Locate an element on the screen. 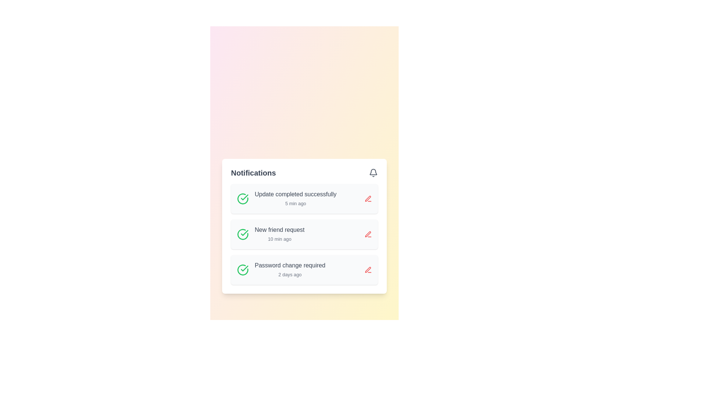  the status of the success icon located in the notifications panel next to the text 'New friend request' and above 'Password change required' is located at coordinates (244, 197).